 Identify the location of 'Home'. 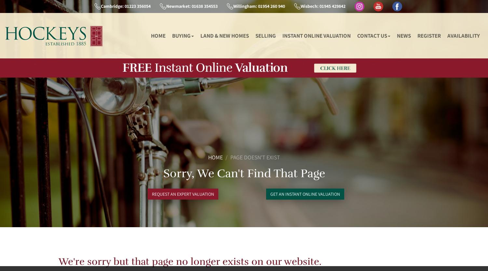
(208, 156).